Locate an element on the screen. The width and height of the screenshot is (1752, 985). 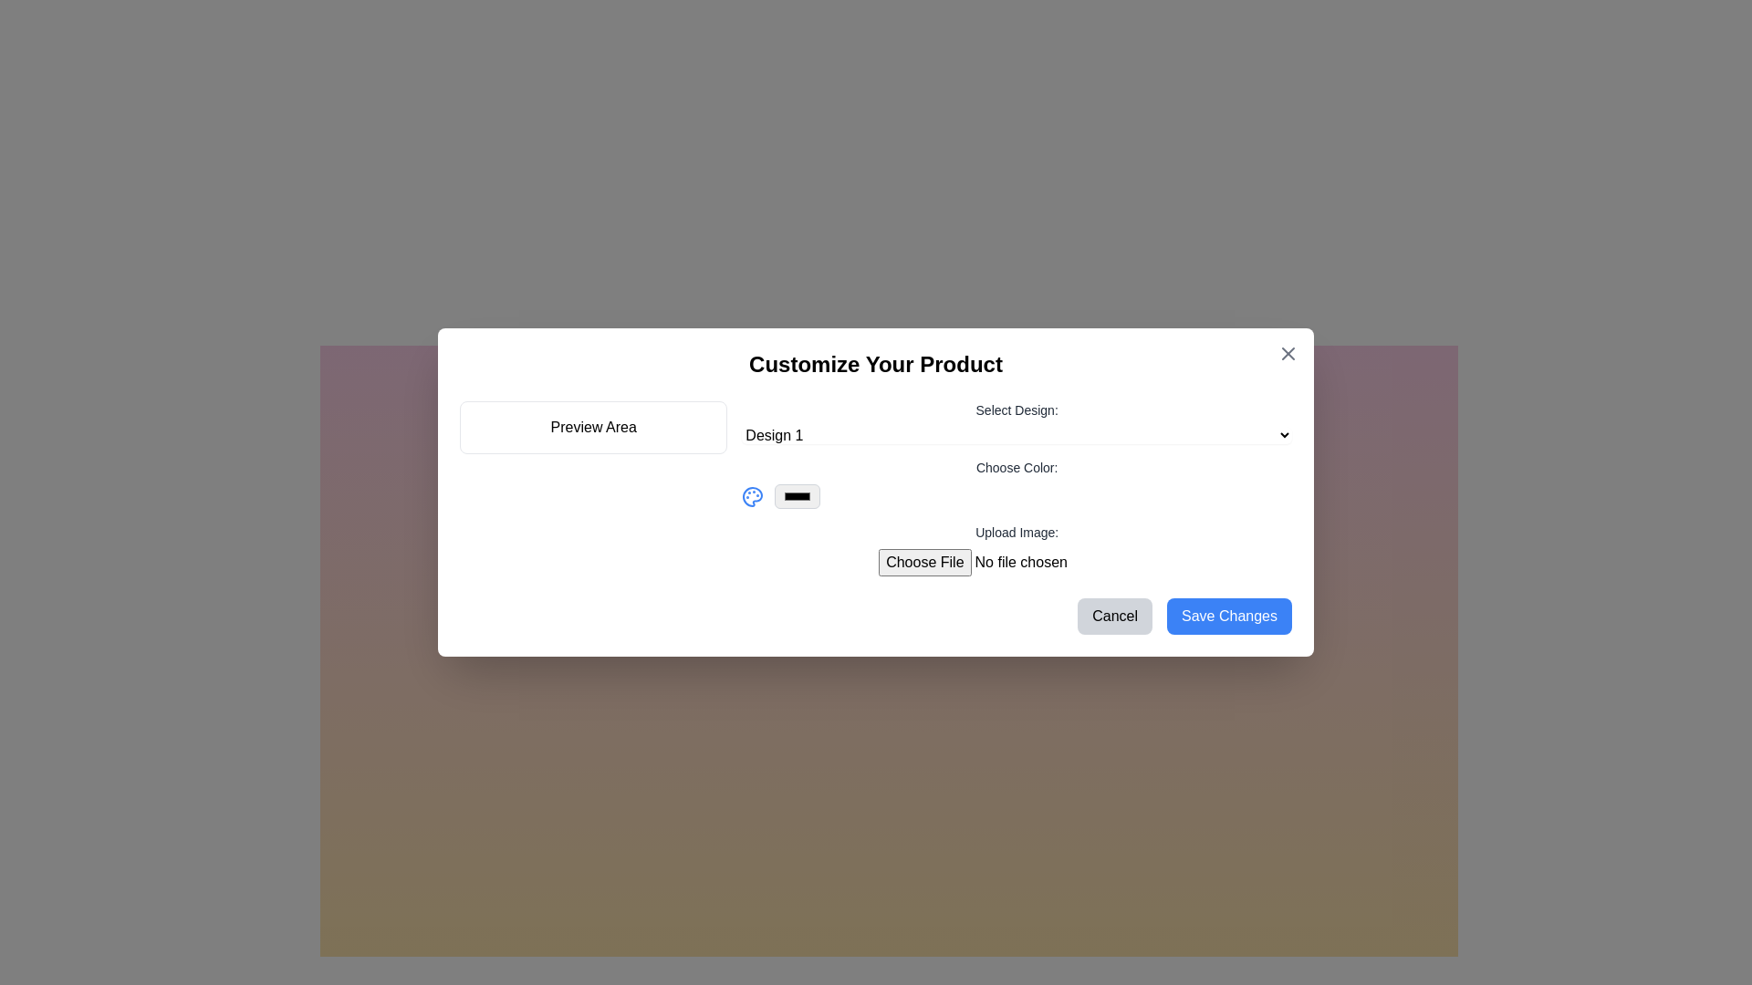
the cancel button located at the bottom-right of the dialog, to the left of the 'Save Changes' button is located at coordinates (1114, 616).